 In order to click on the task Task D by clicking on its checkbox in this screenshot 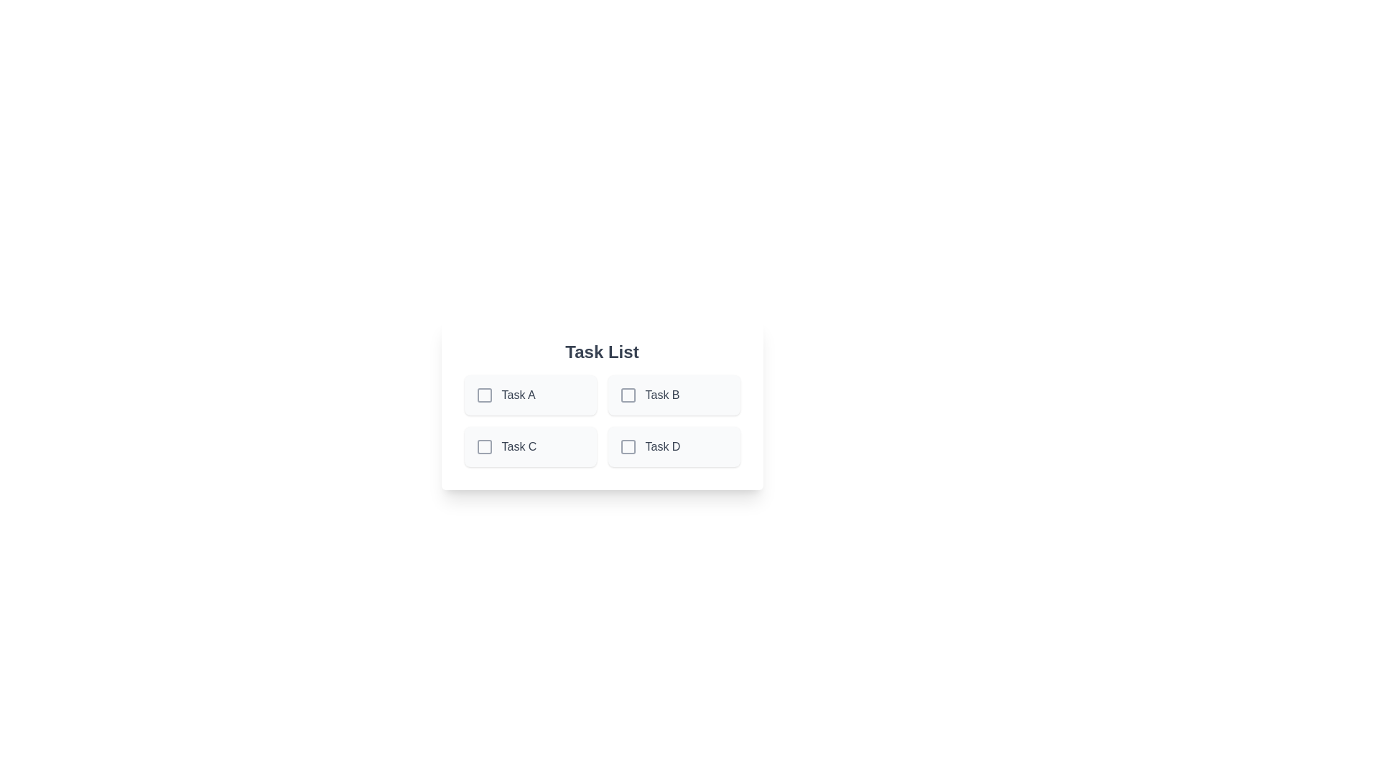, I will do `click(628, 446)`.